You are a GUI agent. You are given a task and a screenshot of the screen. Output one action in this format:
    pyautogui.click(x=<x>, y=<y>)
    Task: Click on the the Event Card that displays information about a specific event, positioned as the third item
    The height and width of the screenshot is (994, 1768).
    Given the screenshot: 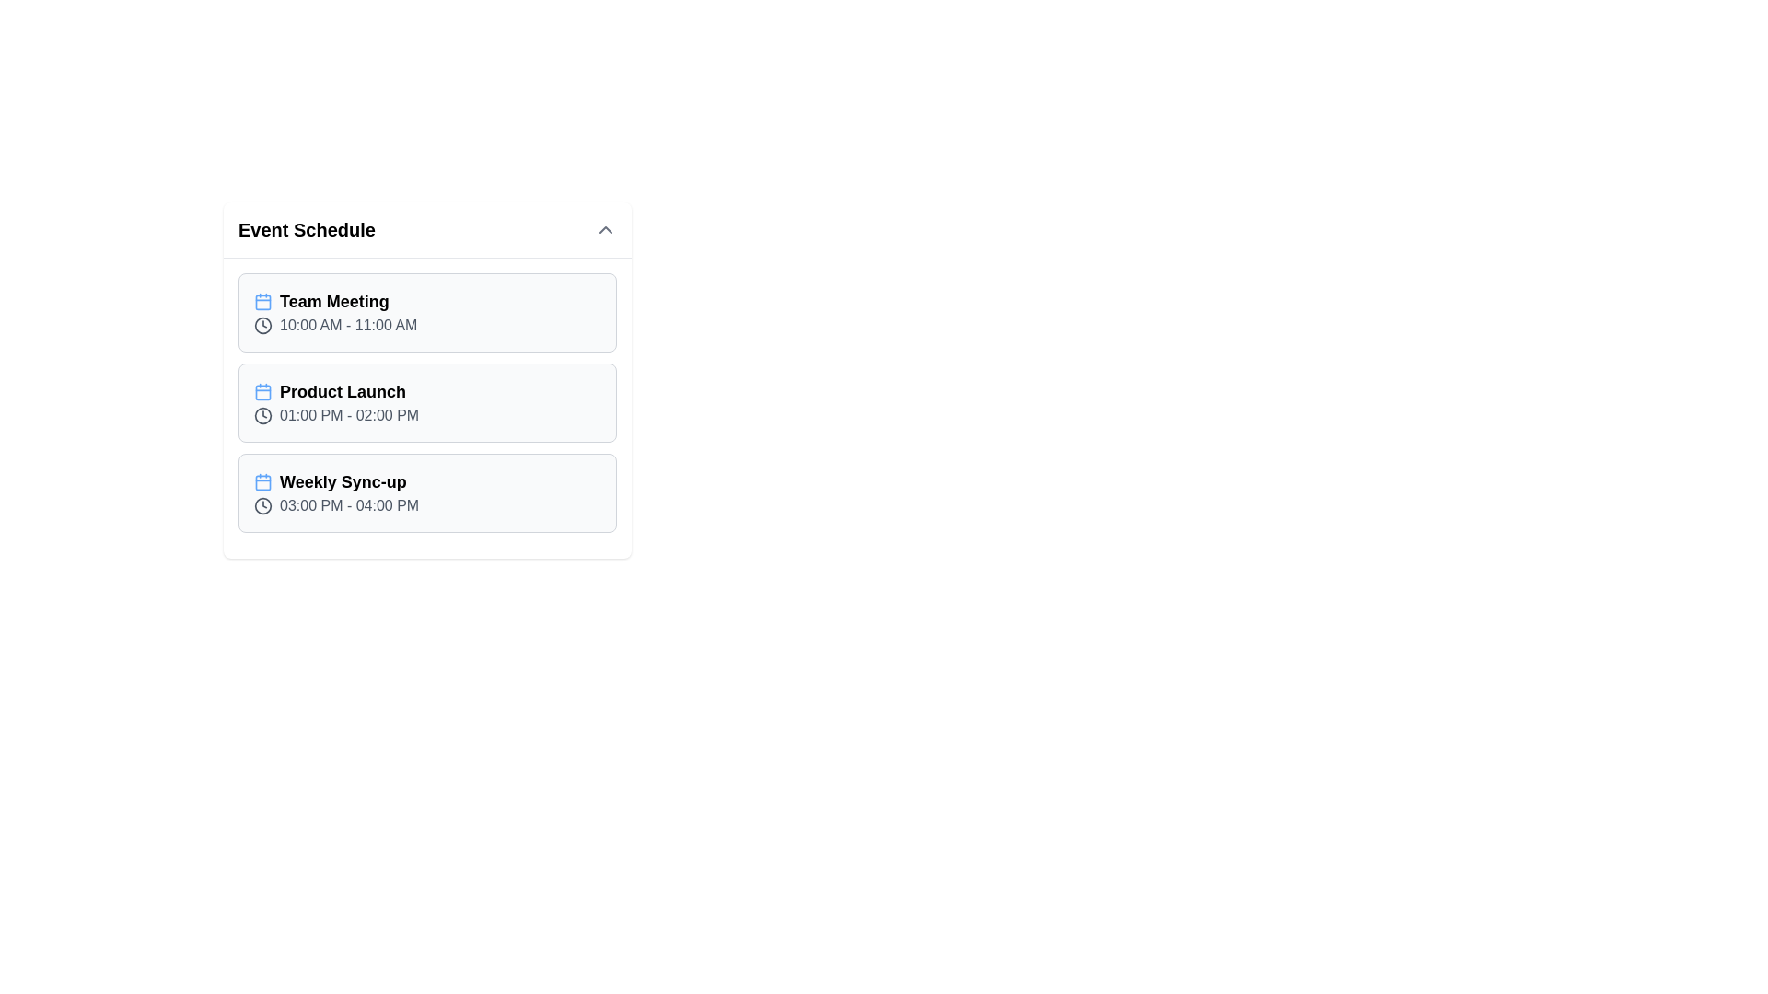 What is the action you would take?
    pyautogui.click(x=426, y=492)
    